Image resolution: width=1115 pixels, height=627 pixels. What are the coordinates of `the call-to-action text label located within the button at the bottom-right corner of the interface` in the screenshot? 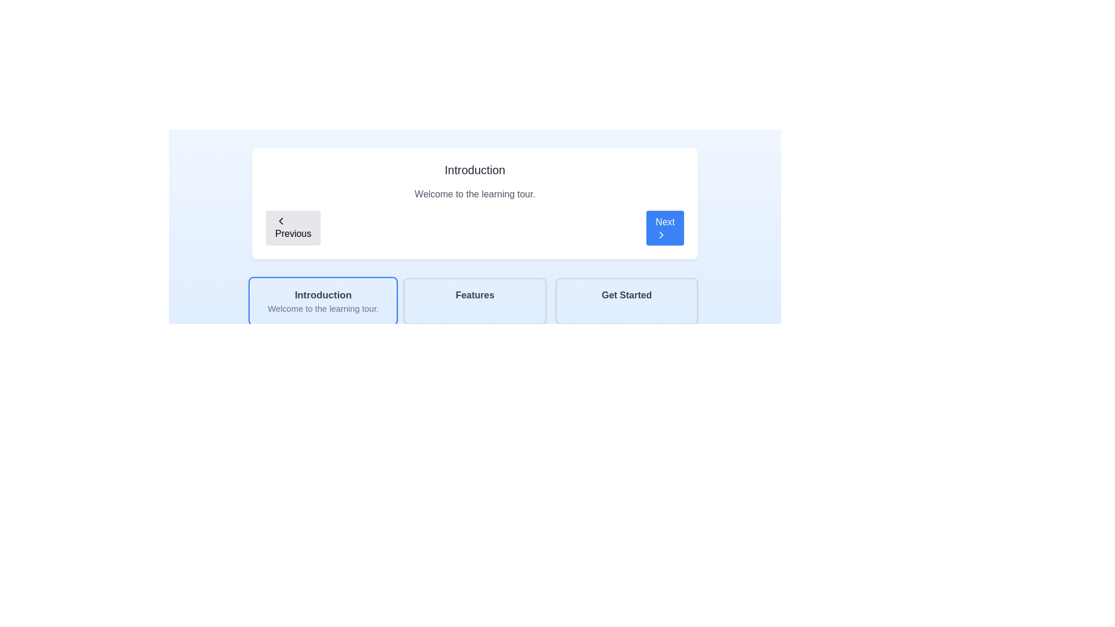 It's located at (626, 295).